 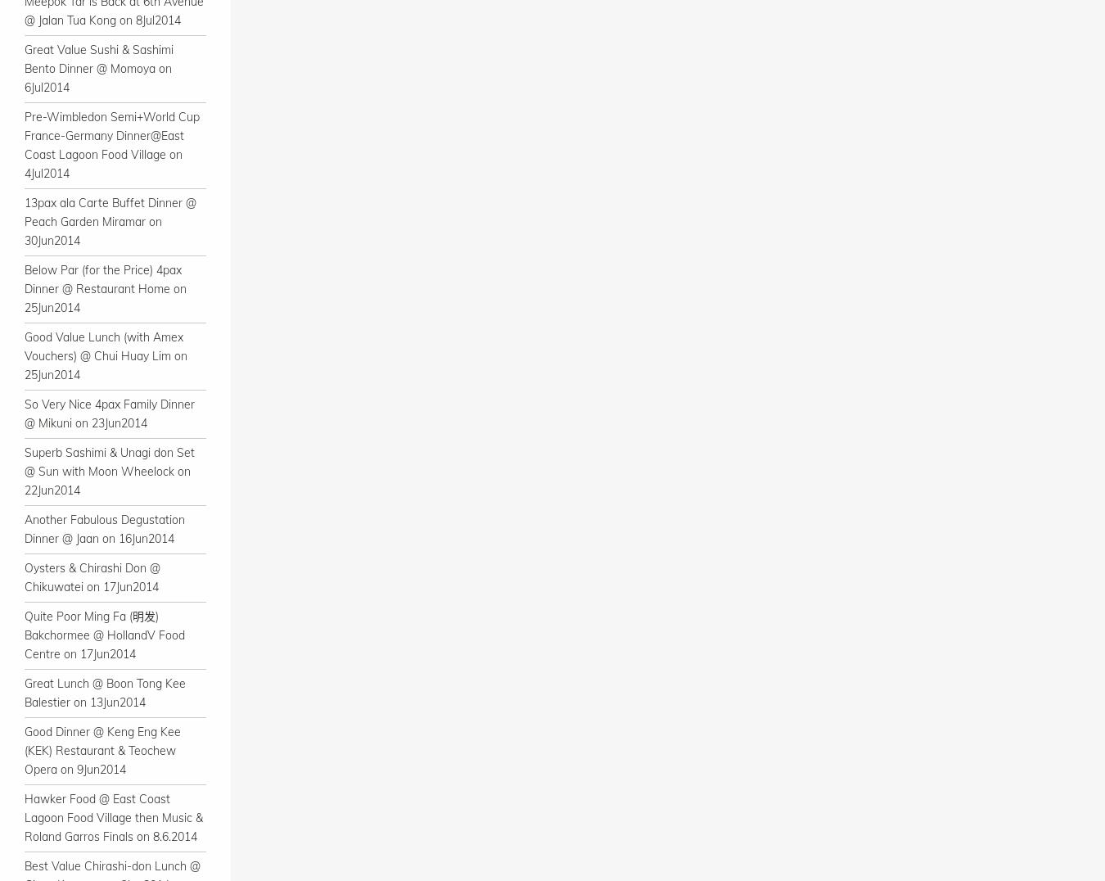 What do you see at coordinates (98, 69) in the screenshot?
I see `'Great Value Sushi & Sashimi Bento Dinner @ Momoya on 6Jul2014'` at bounding box center [98, 69].